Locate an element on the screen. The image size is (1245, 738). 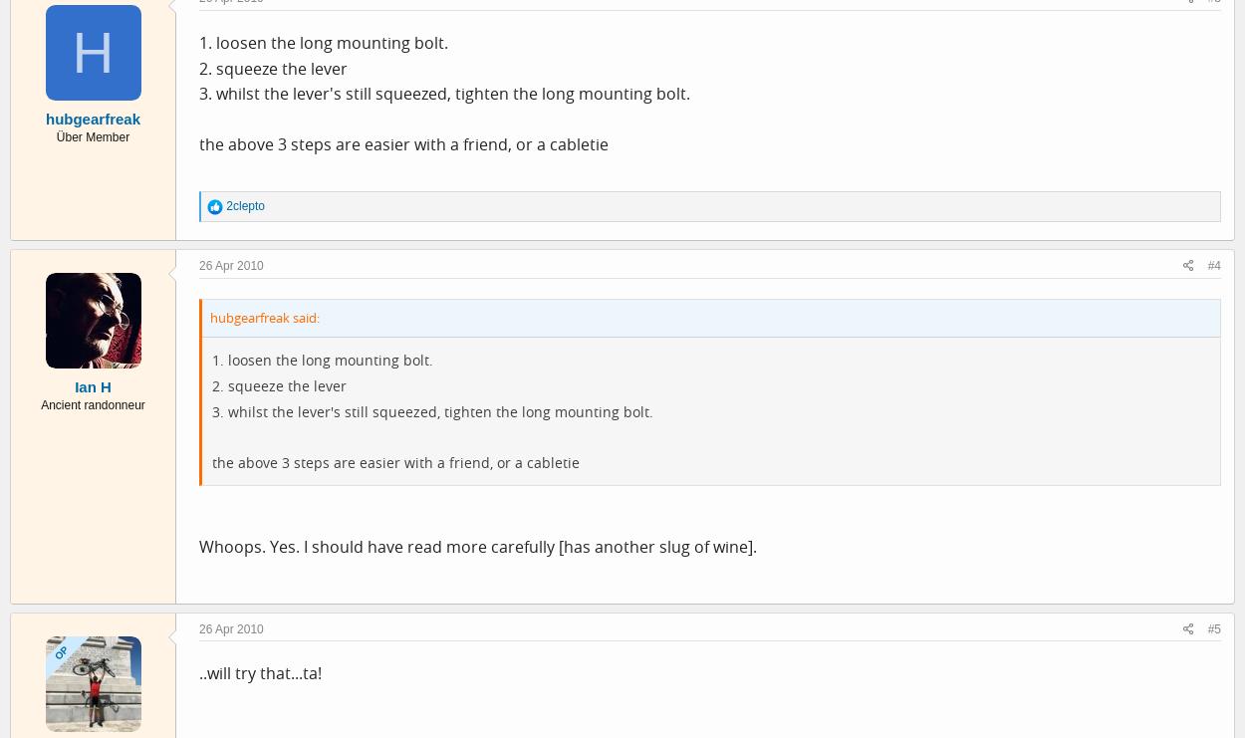
'hubgearfreak' is located at coordinates (91, 117).